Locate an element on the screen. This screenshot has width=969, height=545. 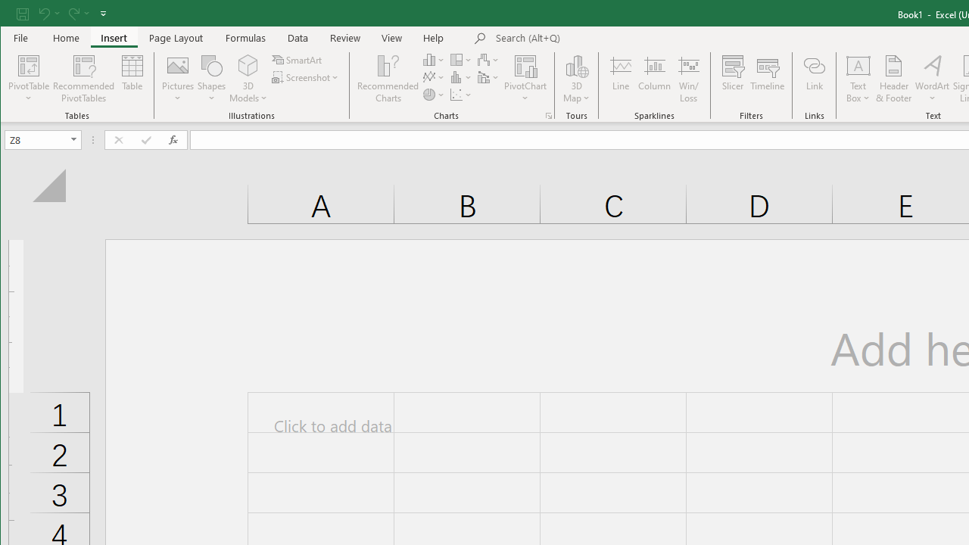
'SmartArt...' is located at coordinates (298, 59).